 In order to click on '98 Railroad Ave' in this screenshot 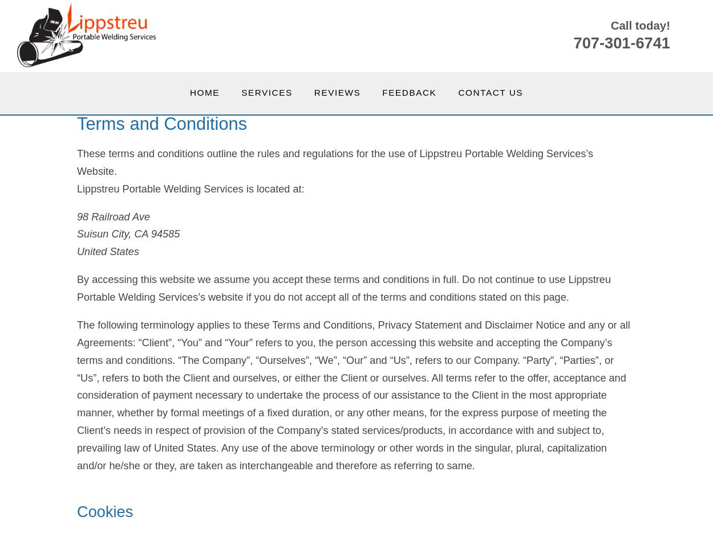, I will do `click(112, 216)`.